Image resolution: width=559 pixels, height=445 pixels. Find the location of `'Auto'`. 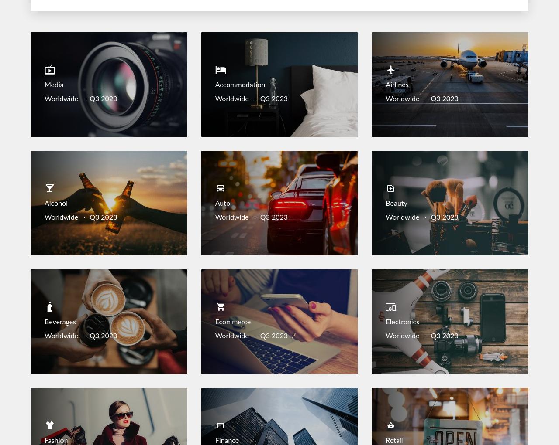

'Auto' is located at coordinates (222, 204).